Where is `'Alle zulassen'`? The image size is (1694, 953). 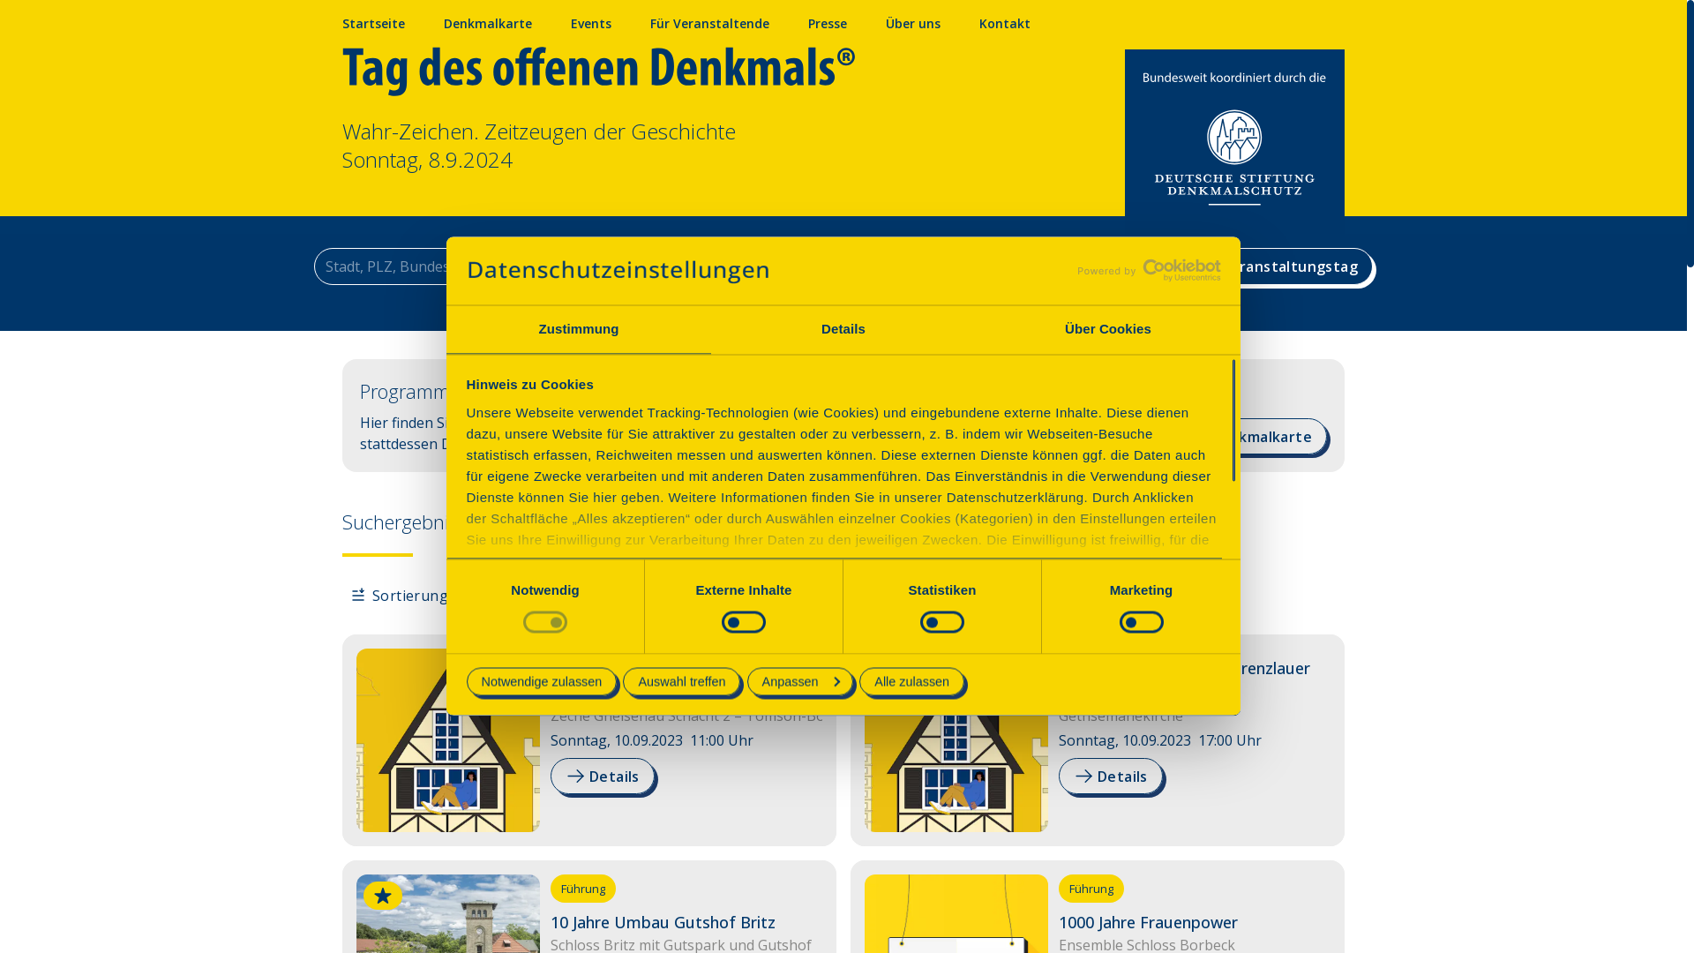 'Alle zulassen' is located at coordinates (911, 679).